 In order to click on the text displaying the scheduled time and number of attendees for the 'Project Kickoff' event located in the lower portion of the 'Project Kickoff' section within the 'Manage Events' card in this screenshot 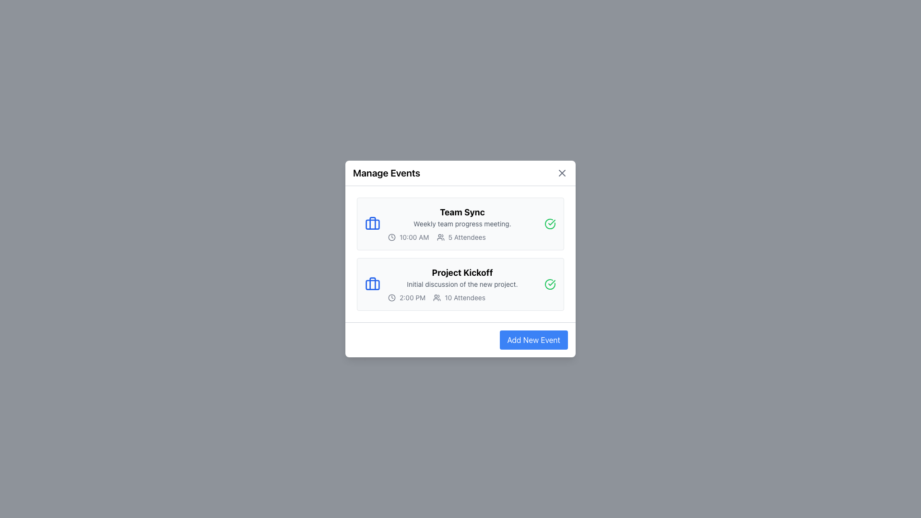, I will do `click(462, 297)`.